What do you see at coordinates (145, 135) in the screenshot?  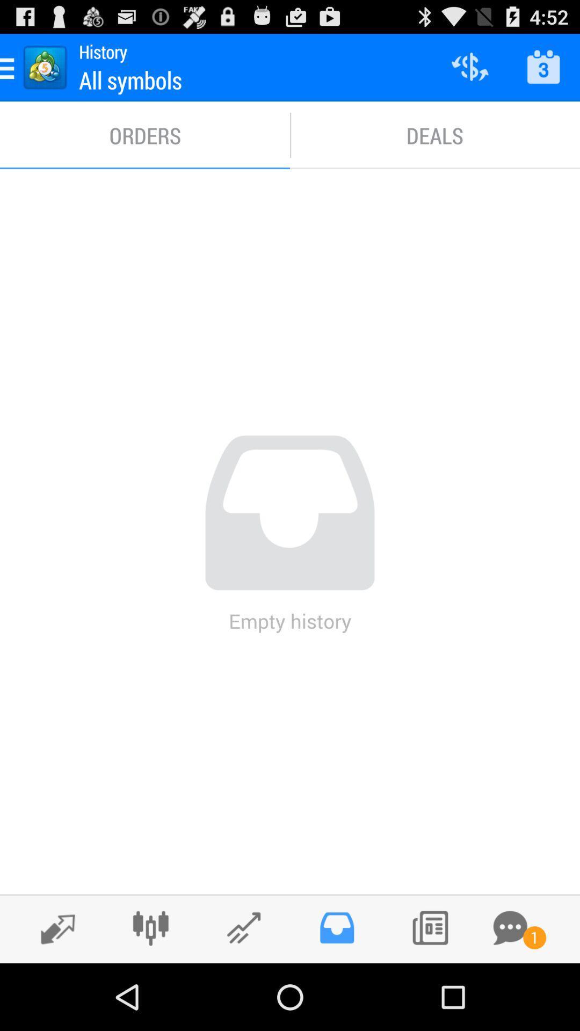 I see `the icon to the left of the deals` at bounding box center [145, 135].